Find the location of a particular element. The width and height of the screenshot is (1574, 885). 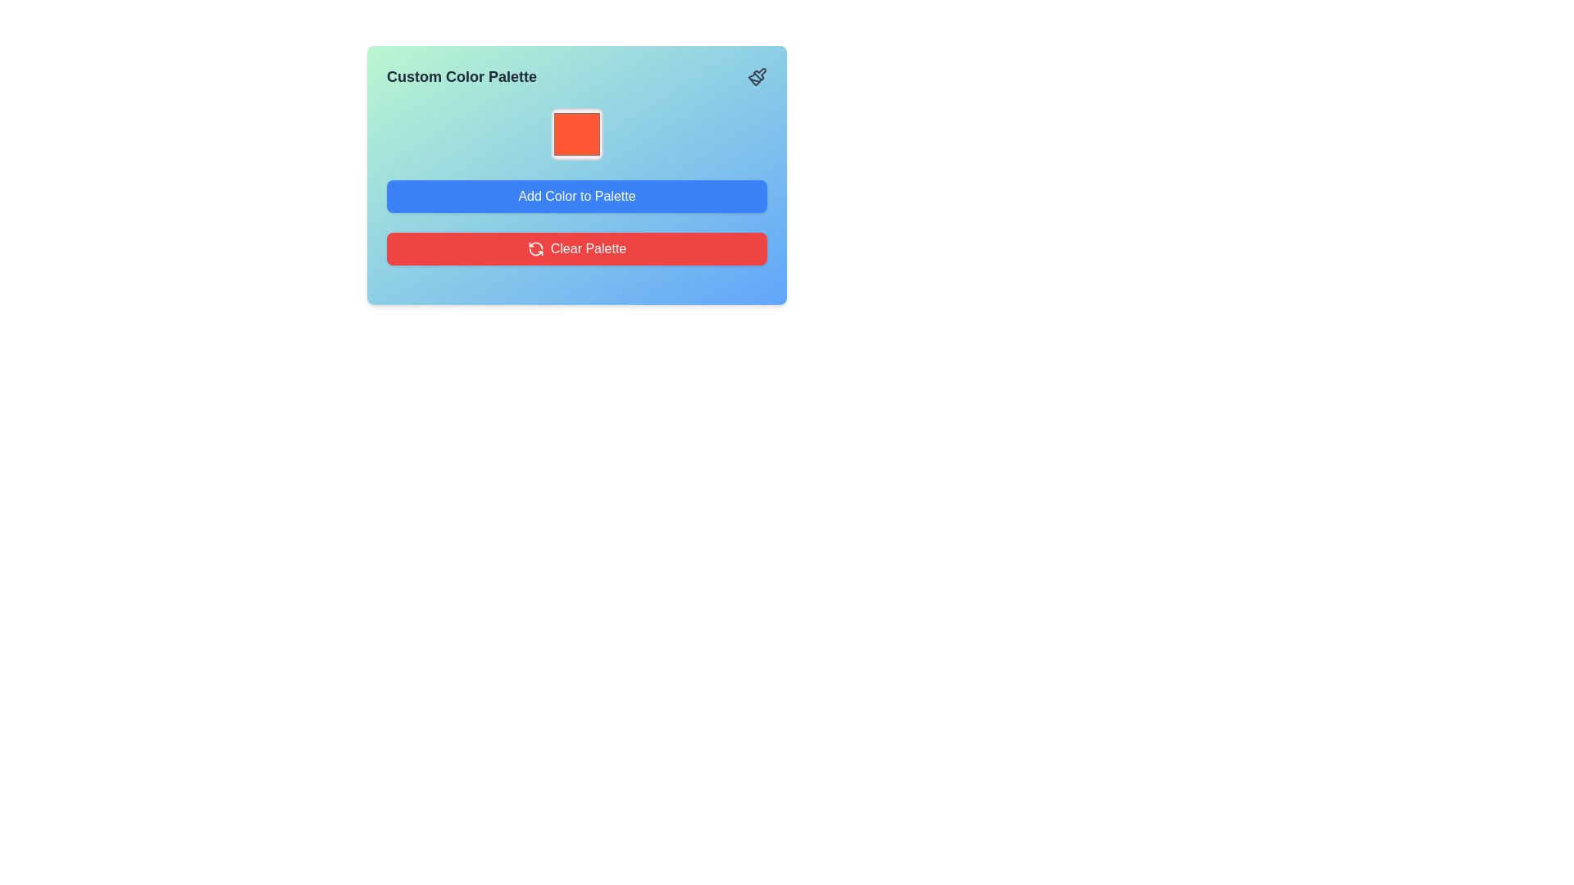

the 'Clear Palette' button, which has a red background and white text, located at the bottom of the color-selection interface is located at coordinates (589, 249).